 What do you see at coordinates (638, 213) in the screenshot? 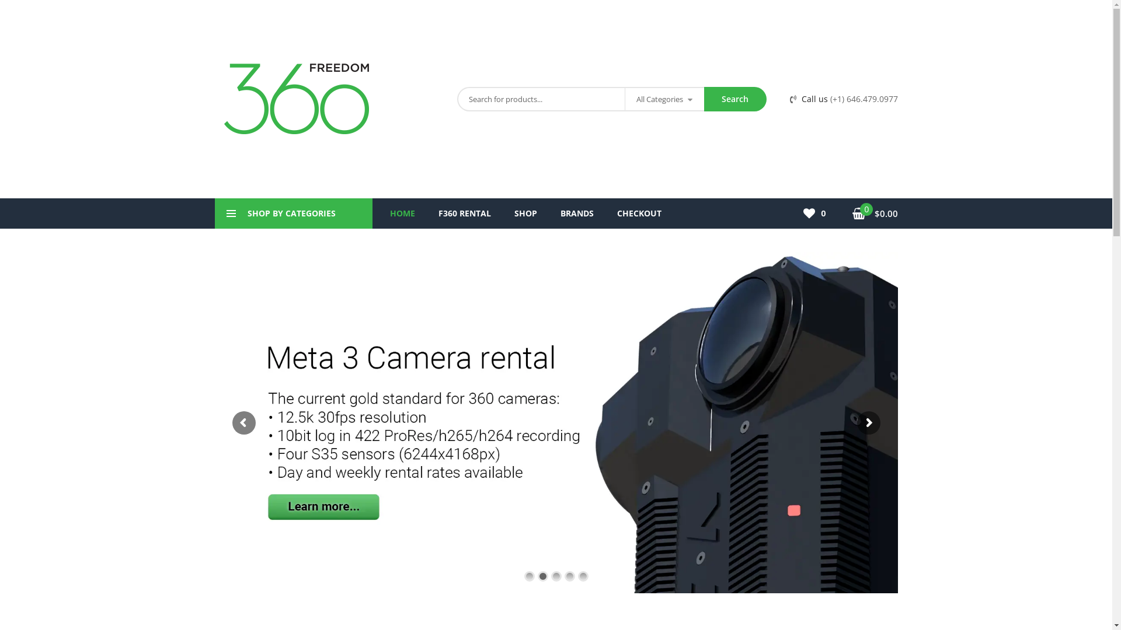
I see `'CHECKOUT'` at bounding box center [638, 213].